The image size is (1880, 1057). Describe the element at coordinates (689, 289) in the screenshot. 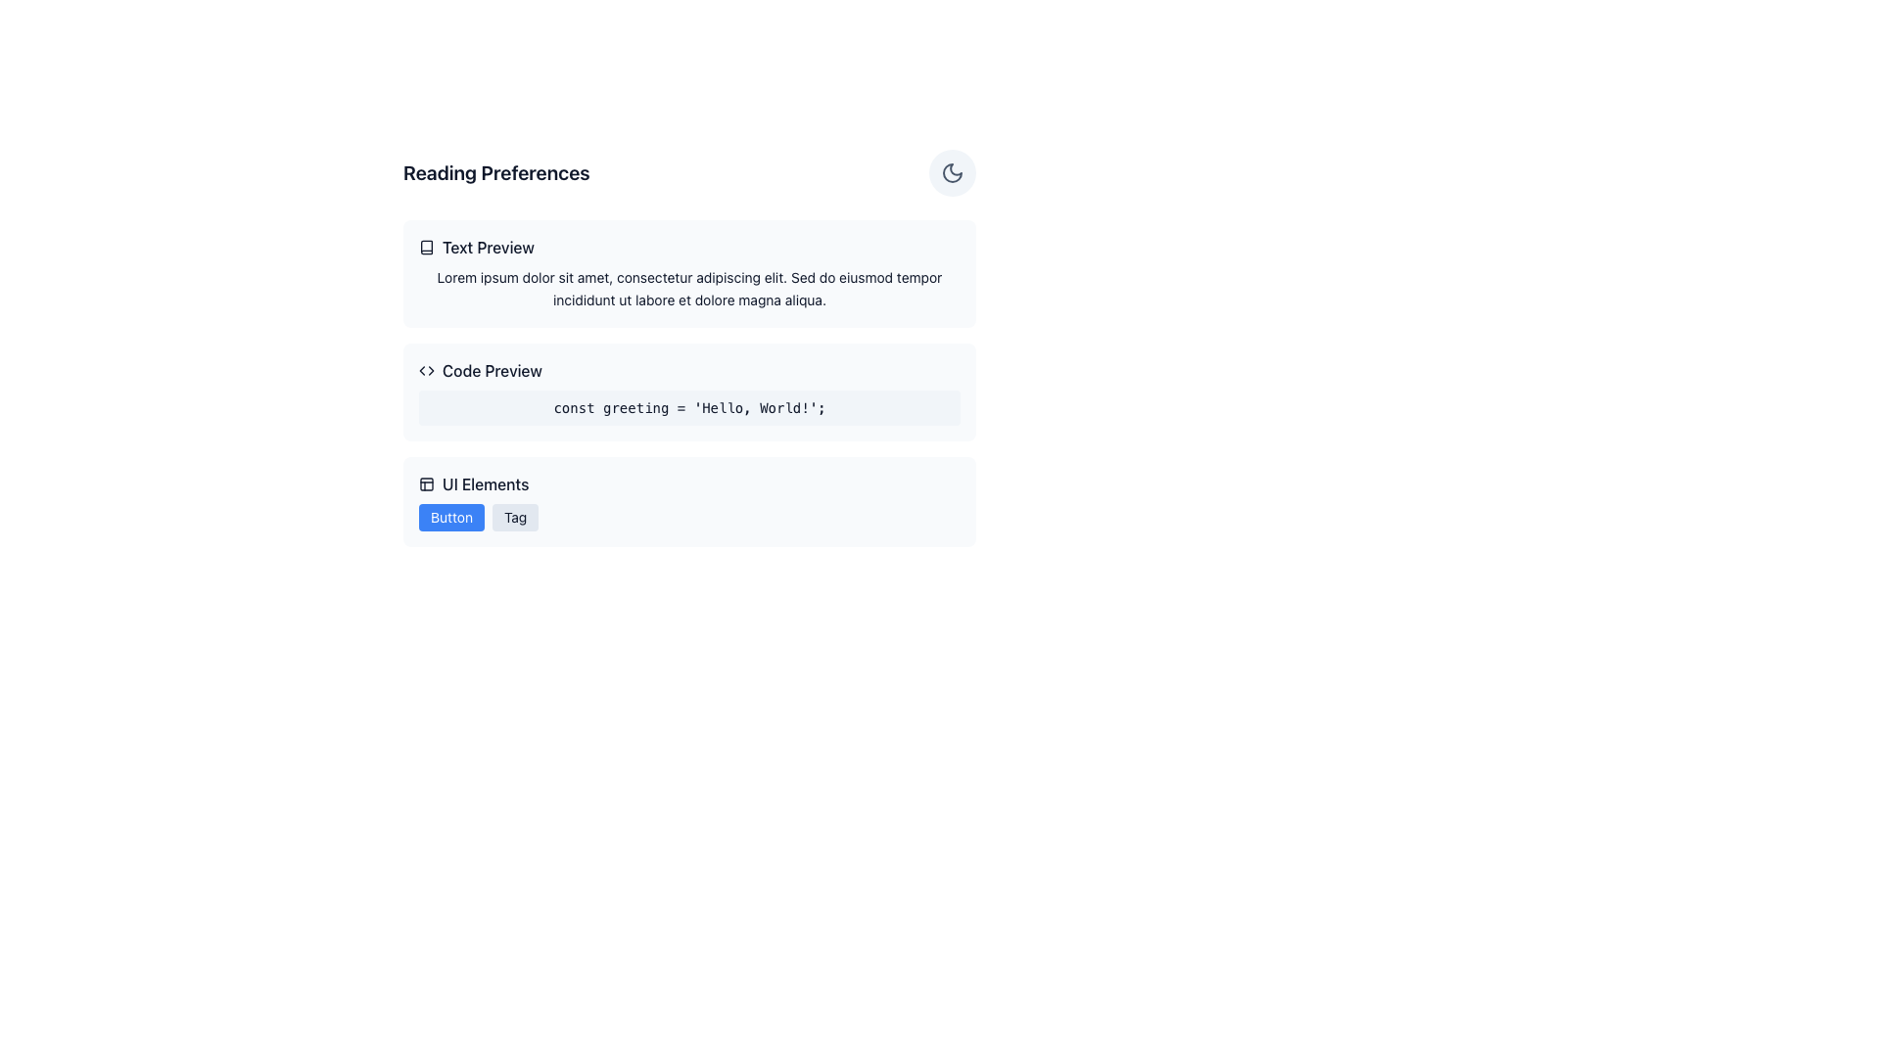

I see `the static text block displaying 'Lorem ipsum dolor sit amet, consectetur adipiscing elit. Sed do eiusmod tempor incididunt ut labore et dolore magna aliqua.' located below the heading 'Text Preview' within a light grey box` at that location.